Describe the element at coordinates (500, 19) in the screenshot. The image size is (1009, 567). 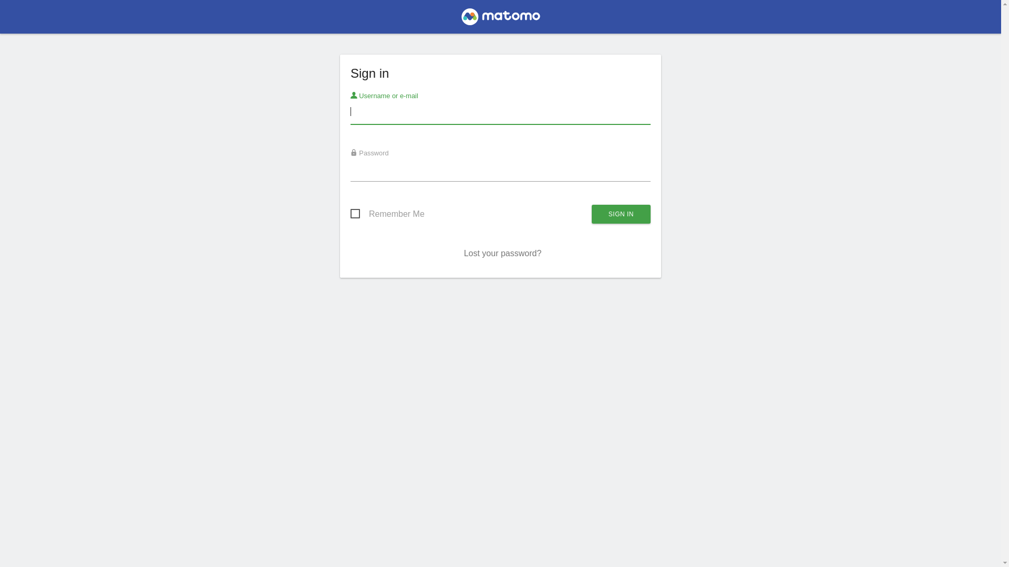
I see `'Matomo # free/libre analytics platform'` at that location.